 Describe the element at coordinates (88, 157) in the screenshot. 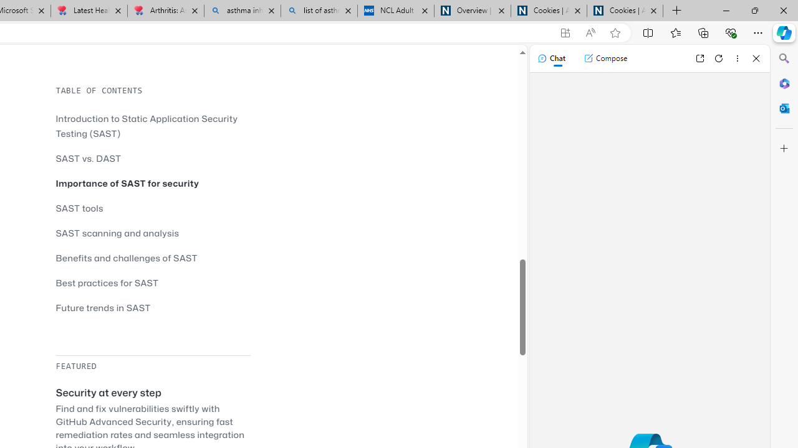

I see `'SAST vs. DAST'` at that location.